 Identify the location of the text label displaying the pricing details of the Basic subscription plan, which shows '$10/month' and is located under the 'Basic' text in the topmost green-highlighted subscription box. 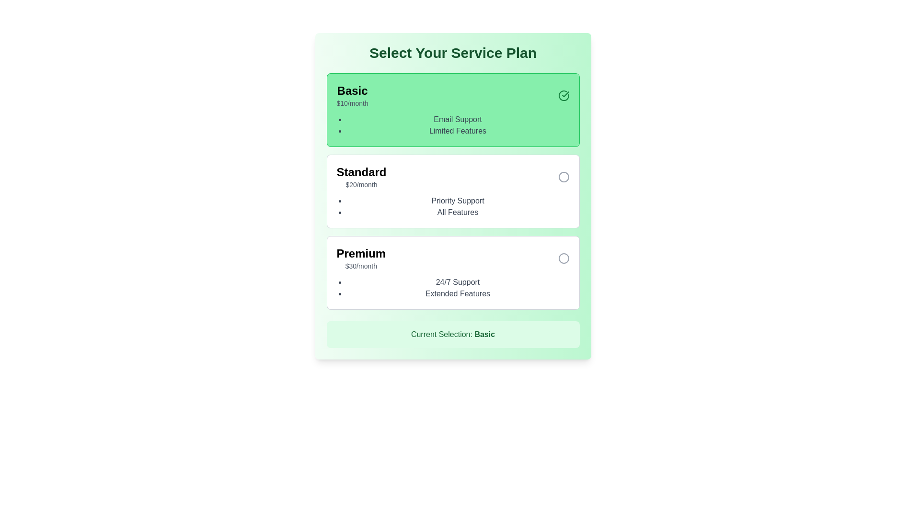
(352, 103).